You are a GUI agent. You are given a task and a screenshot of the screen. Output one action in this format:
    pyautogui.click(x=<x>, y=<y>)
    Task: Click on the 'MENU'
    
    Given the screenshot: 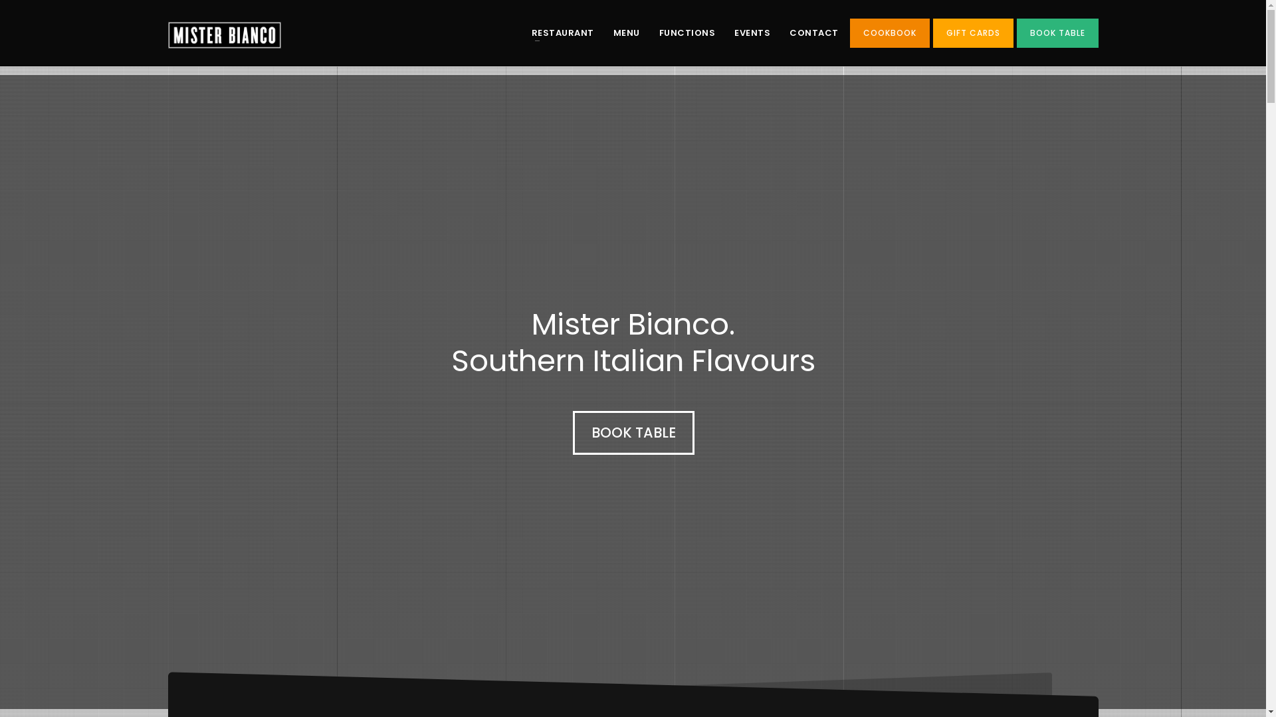 What is the action you would take?
    pyautogui.click(x=625, y=33)
    